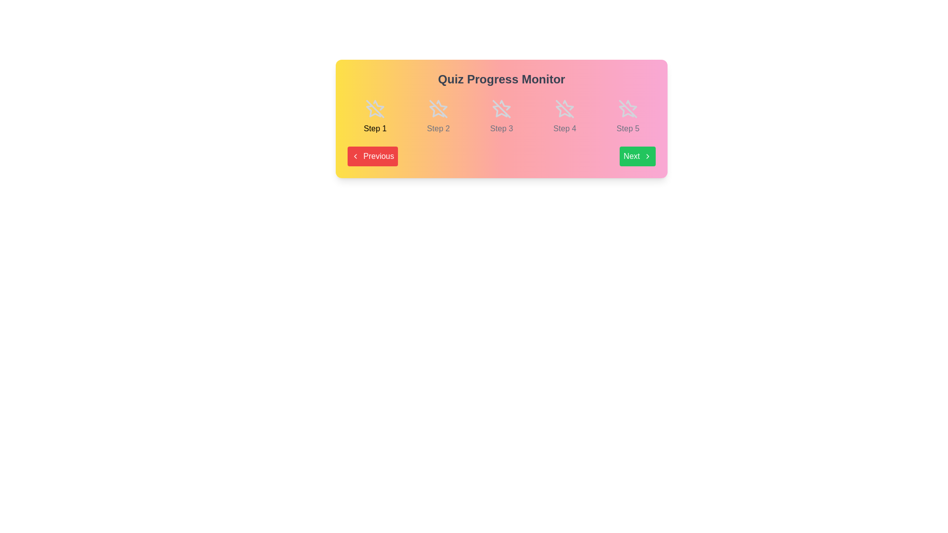  I want to click on the navigation button located at the bottom-left corner of the quiz interface, so click(372, 155).